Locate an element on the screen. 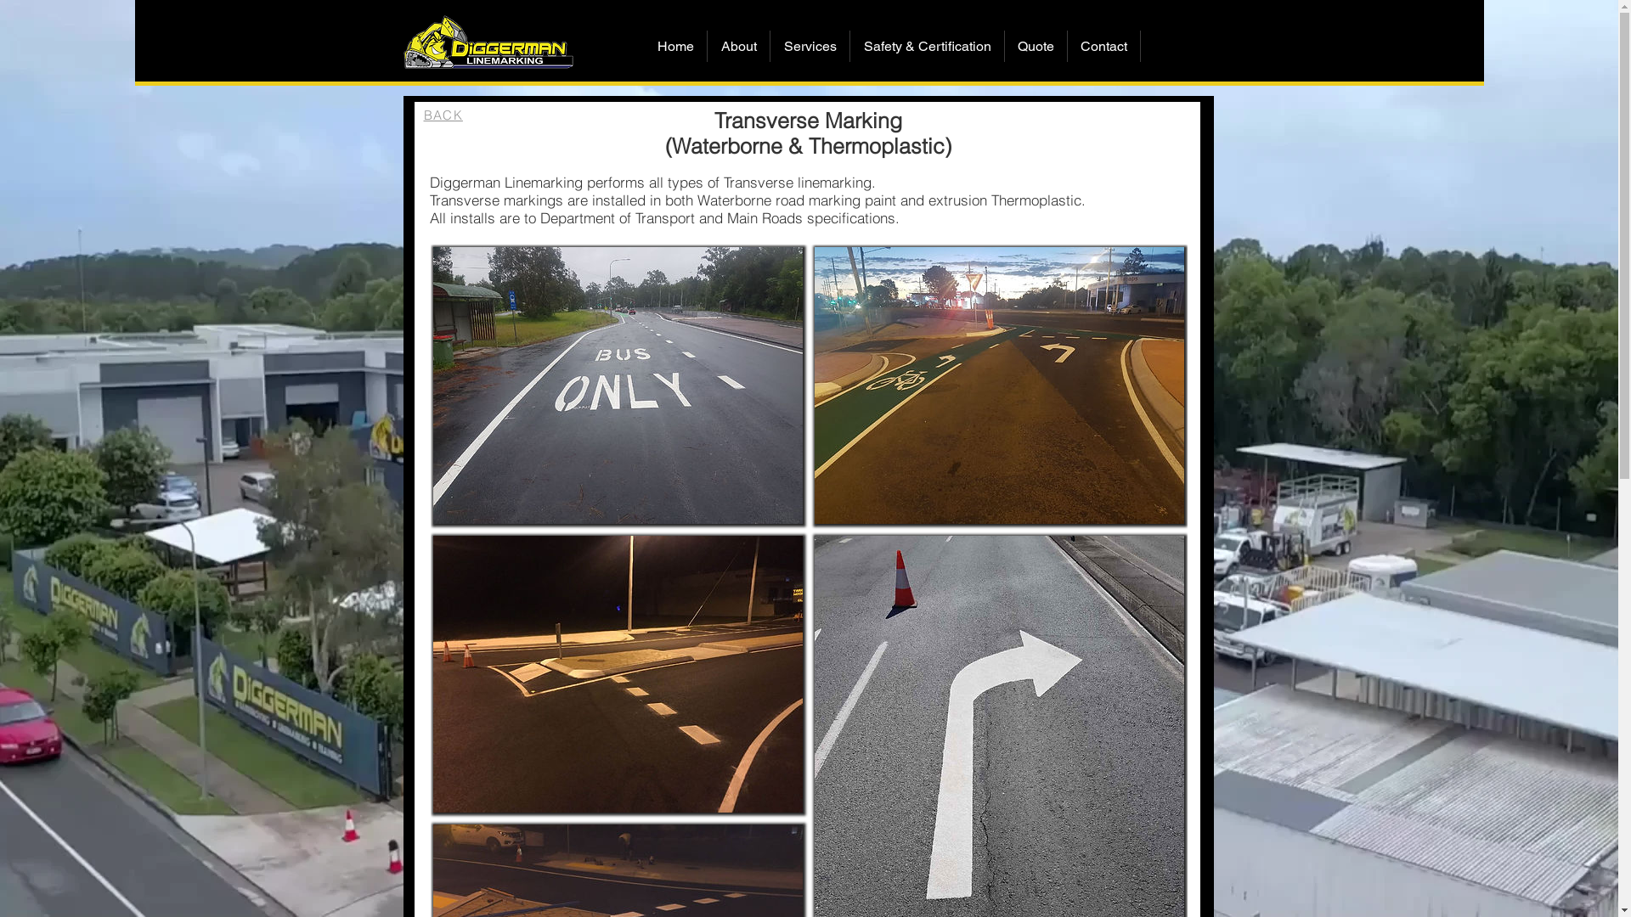  'About' is located at coordinates (738, 45).